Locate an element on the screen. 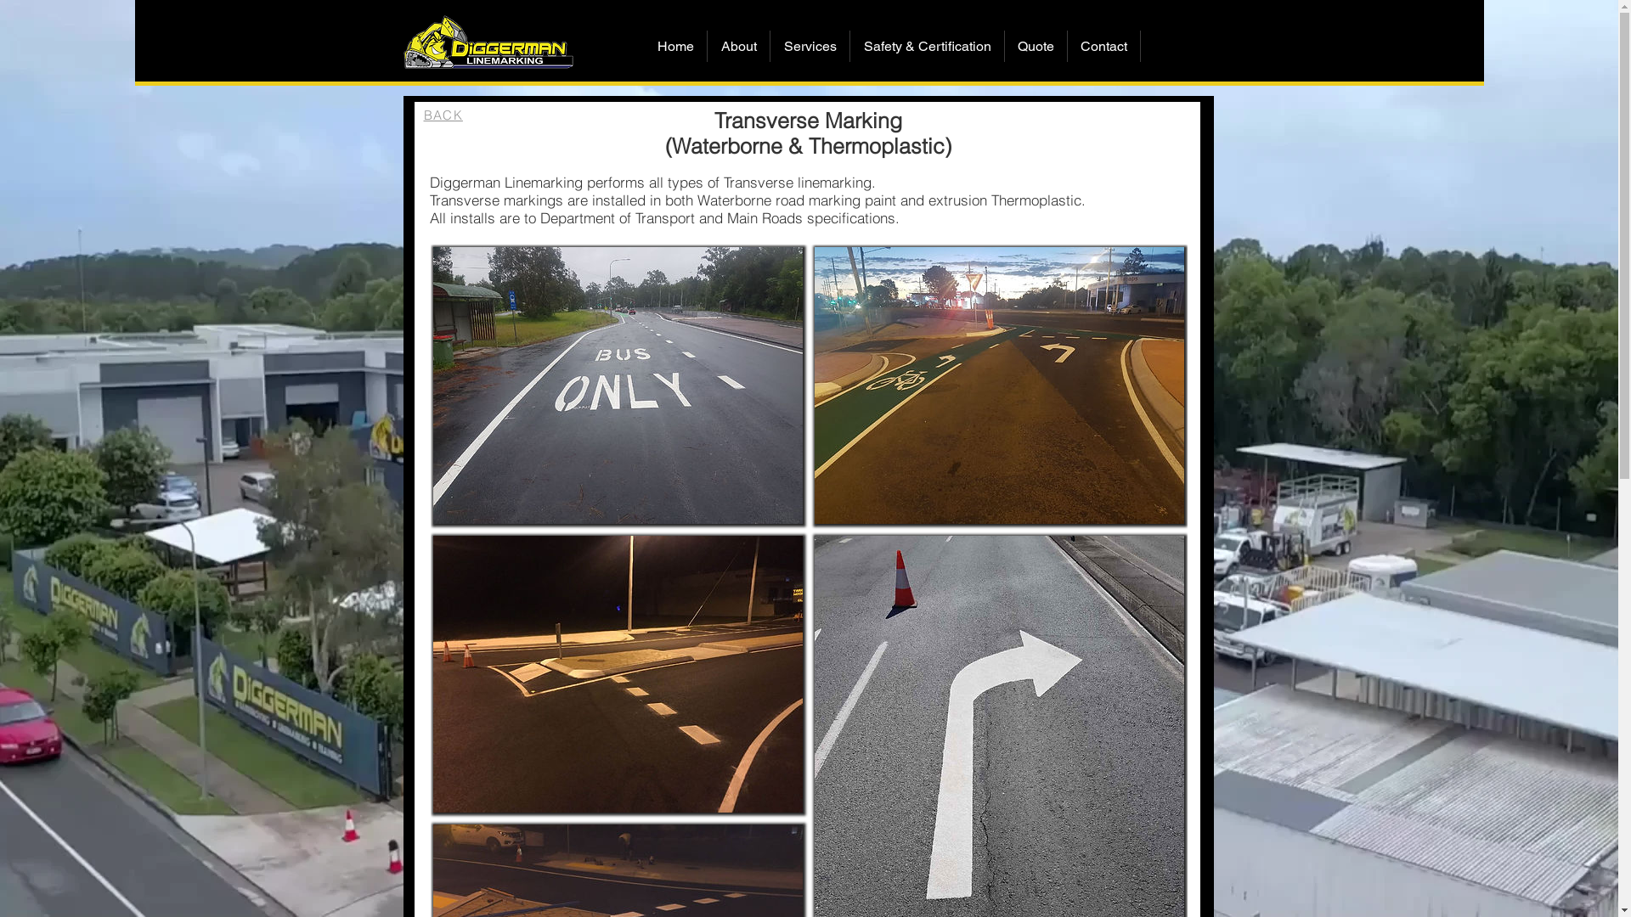  'About' is located at coordinates (738, 45).